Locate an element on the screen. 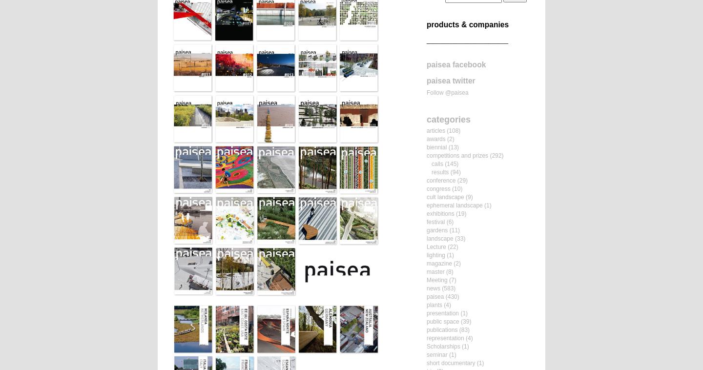 The image size is (703, 370). 'competitions and prizes' is located at coordinates (457, 155).